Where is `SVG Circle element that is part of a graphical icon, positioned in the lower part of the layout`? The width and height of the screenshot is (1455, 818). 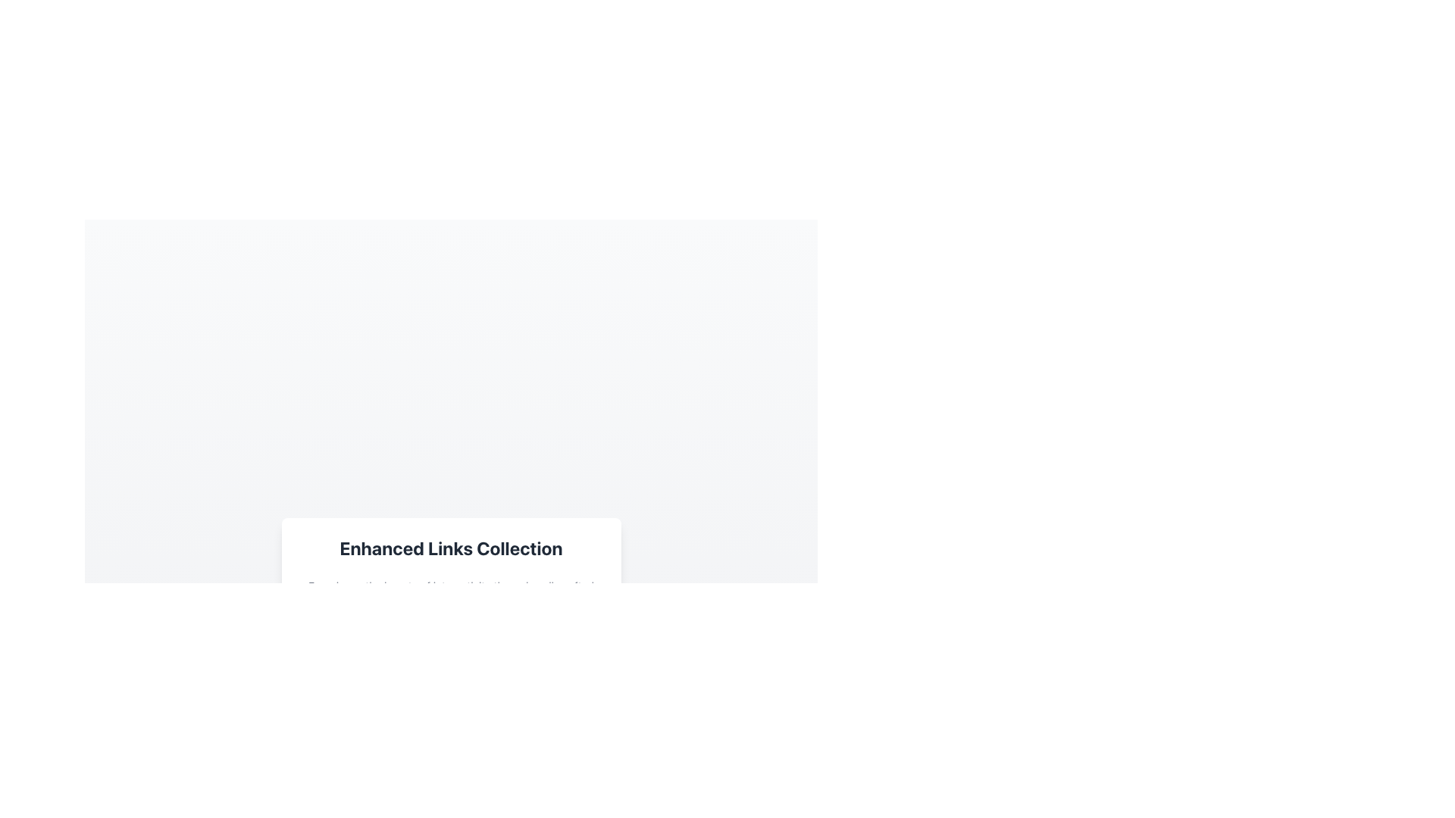
SVG Circle element that is part of a graphical icon, positioned in the lower part of the layout is located at coordinates (305, 662).